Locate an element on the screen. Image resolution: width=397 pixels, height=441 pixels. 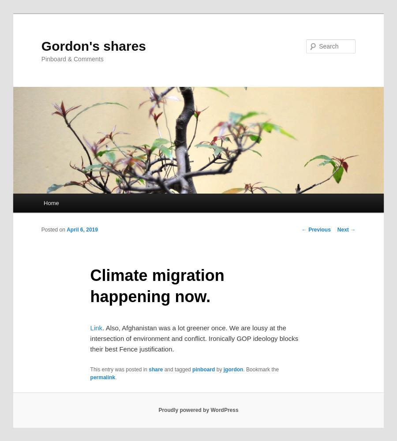
'Link' is located at coordinates (96, 327).